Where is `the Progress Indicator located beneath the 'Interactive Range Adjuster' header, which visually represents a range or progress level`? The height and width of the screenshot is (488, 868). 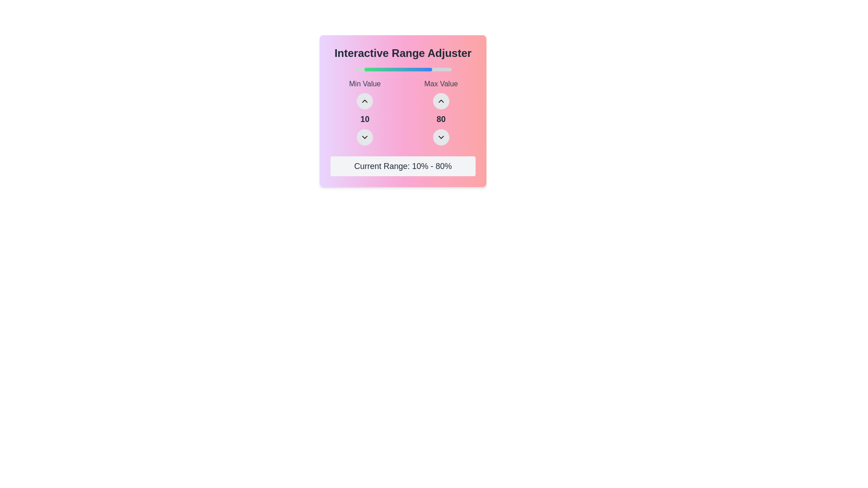
the Progress Indicator located beneath the 'Interactive Range Adjuster' header, which visually represents a range or progress level is located at coordinates (402, 69).